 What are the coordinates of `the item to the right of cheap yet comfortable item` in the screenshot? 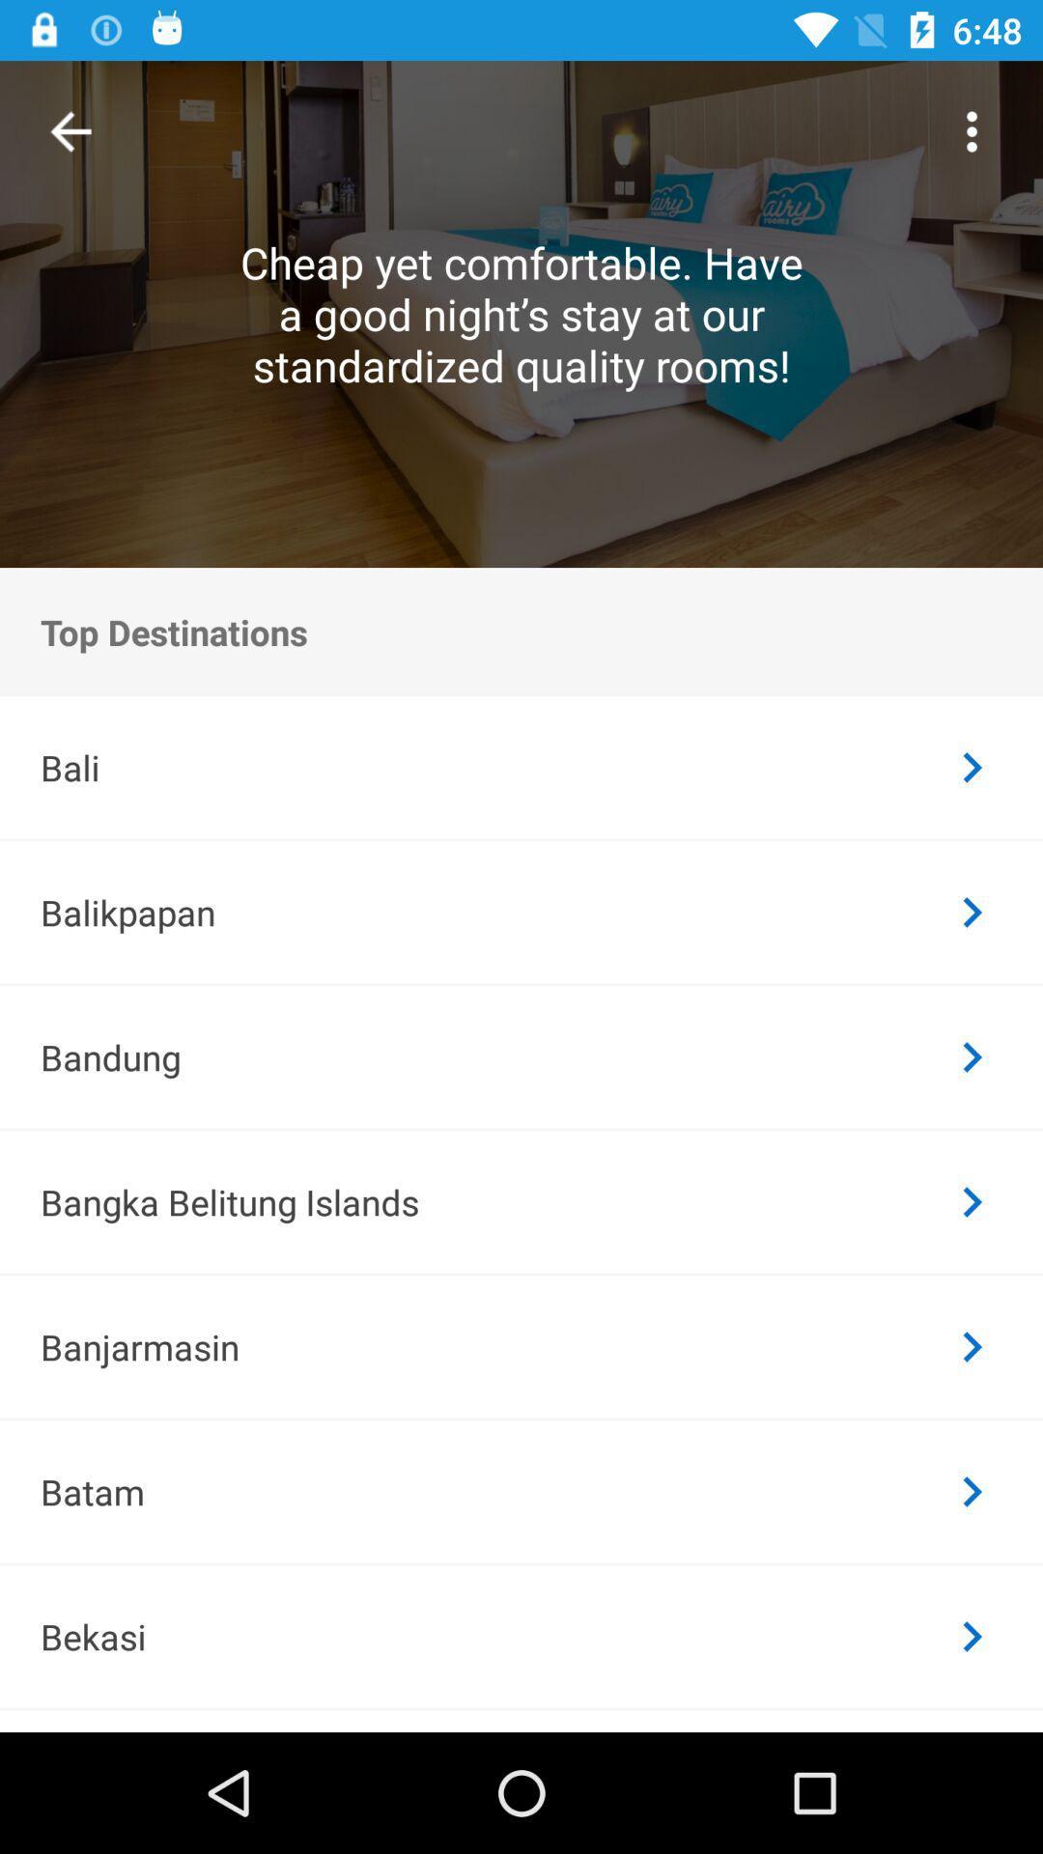 It's located at (972, 130).